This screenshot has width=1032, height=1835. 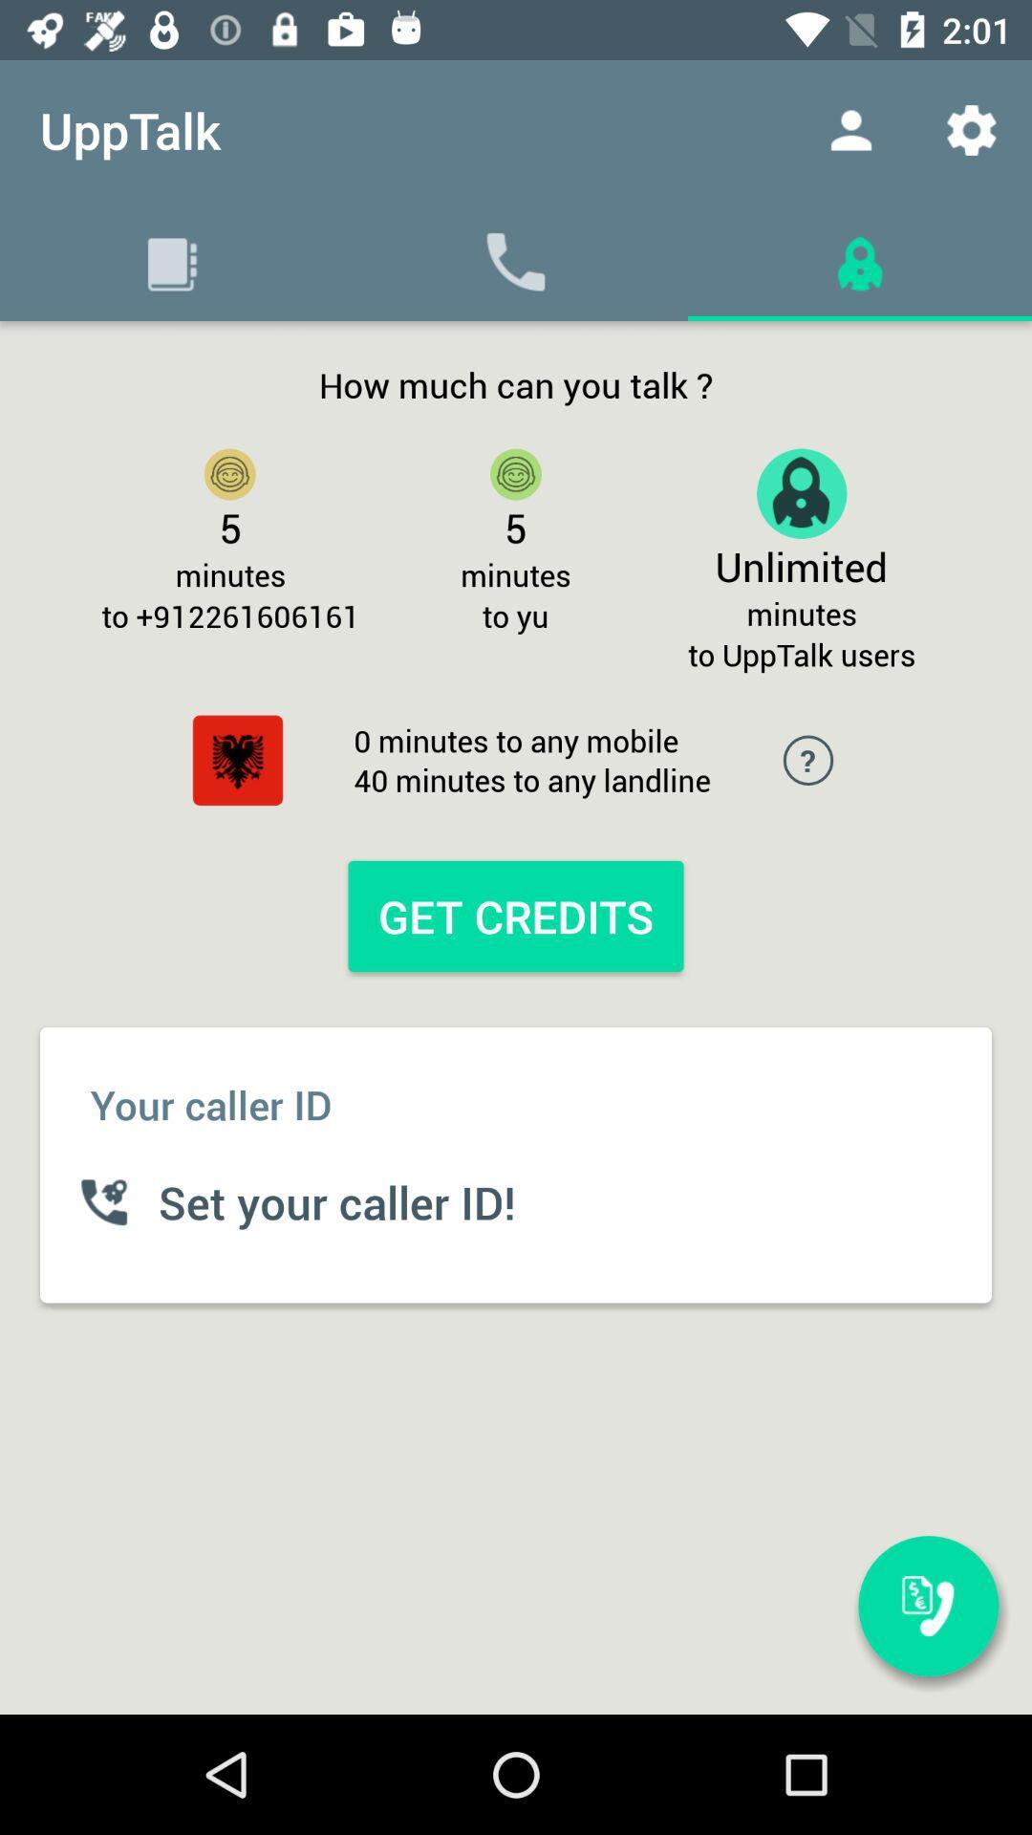 I want to click on the get credits, so click(x=516, y=915).